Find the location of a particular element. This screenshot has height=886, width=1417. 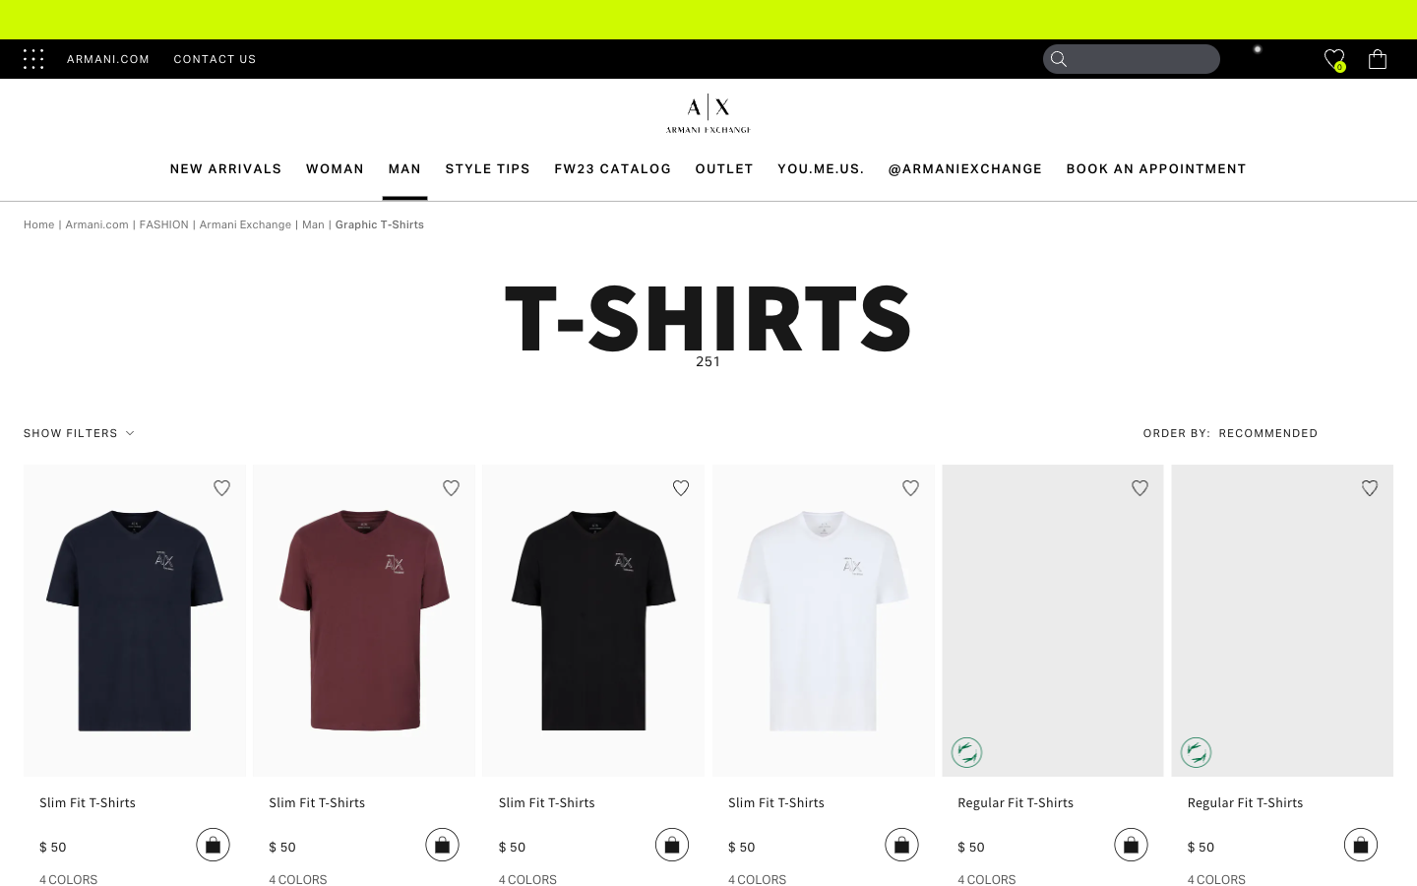

and click on @ArmaniExchange from the top menu to go to that section is located at coordinates (964, 168).